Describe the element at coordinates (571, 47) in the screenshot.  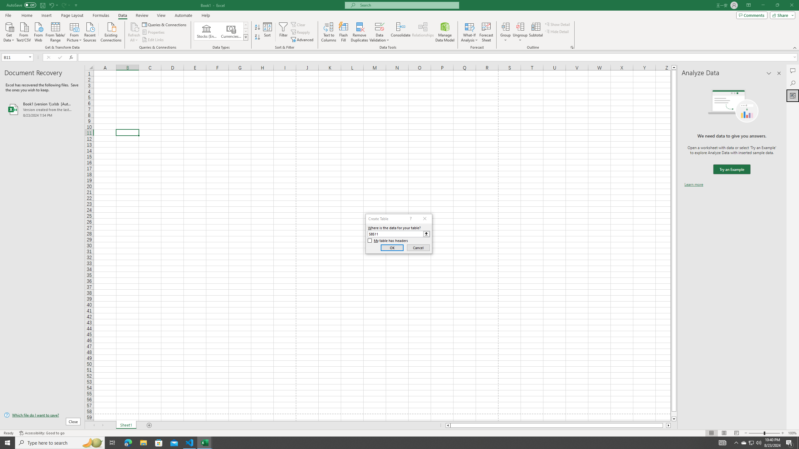
I see `'Group and Outline Settings'` at that location.